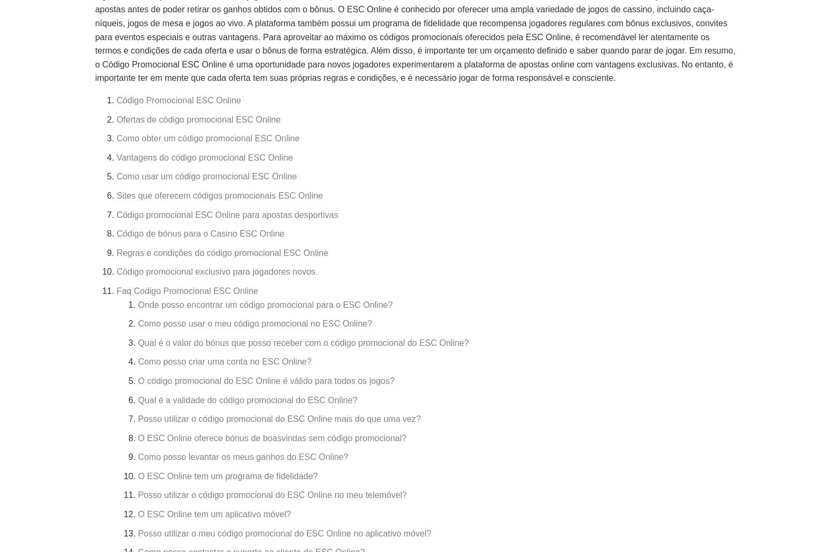 Image resolution: width=831 pixels, height=552 pixels. I want to click on 'Posso utilizar o código promocional do ESC Online mais do que uma vez?', so click(278, 418).